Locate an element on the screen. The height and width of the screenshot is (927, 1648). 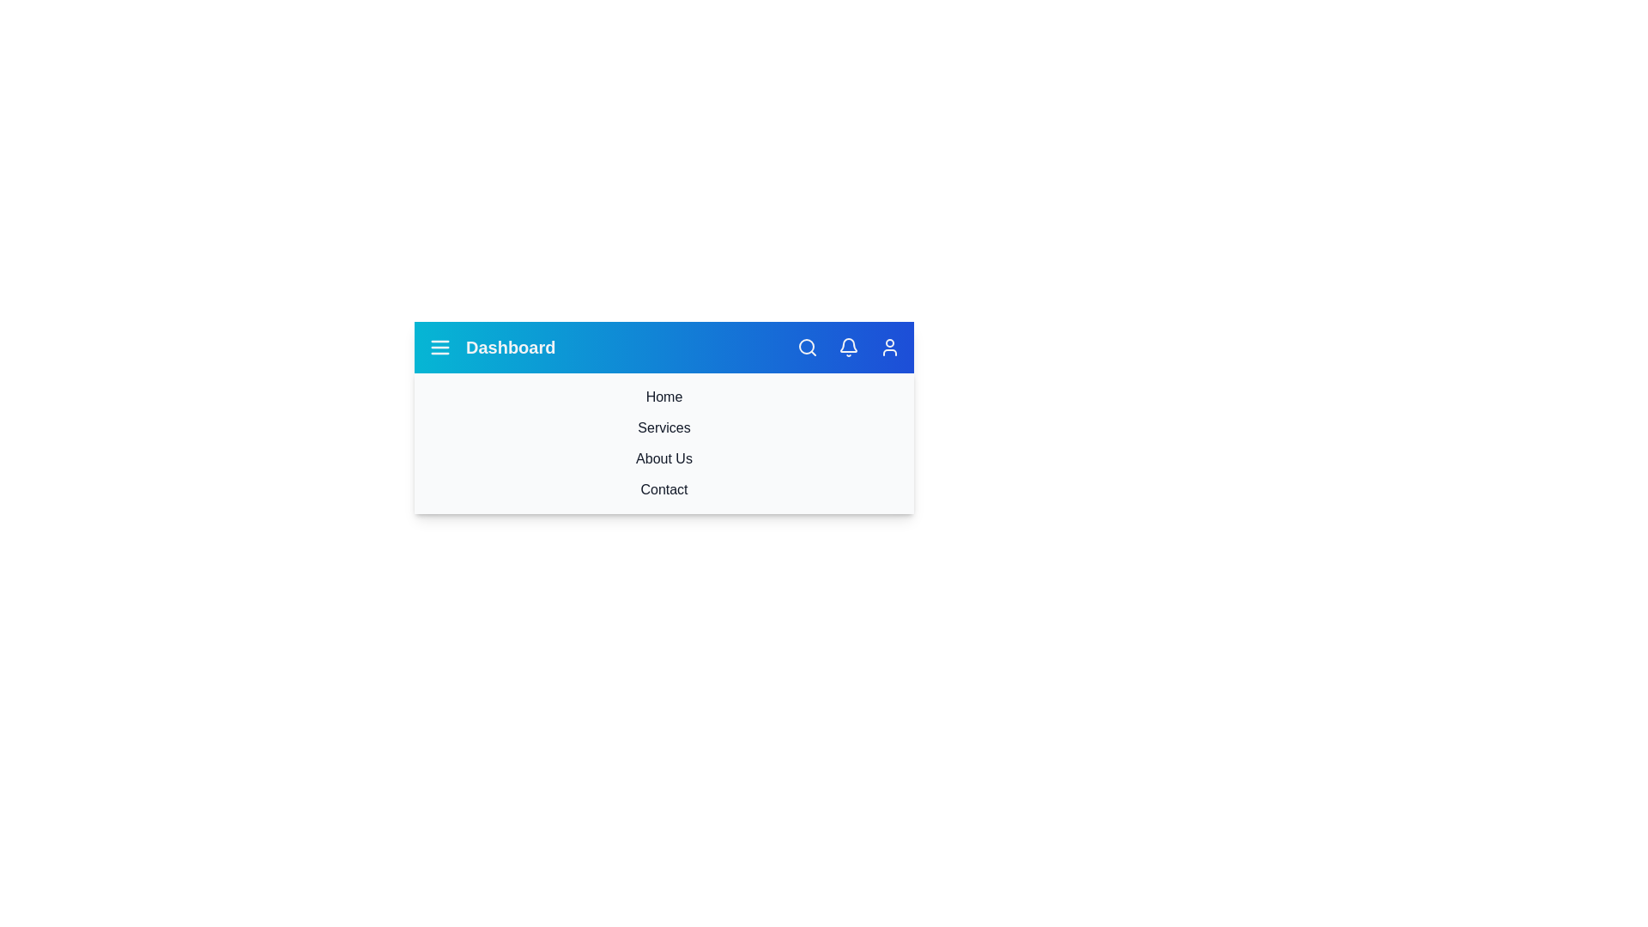
the menu button to toggle the navigation drawer is located at coordinates (440, 348).